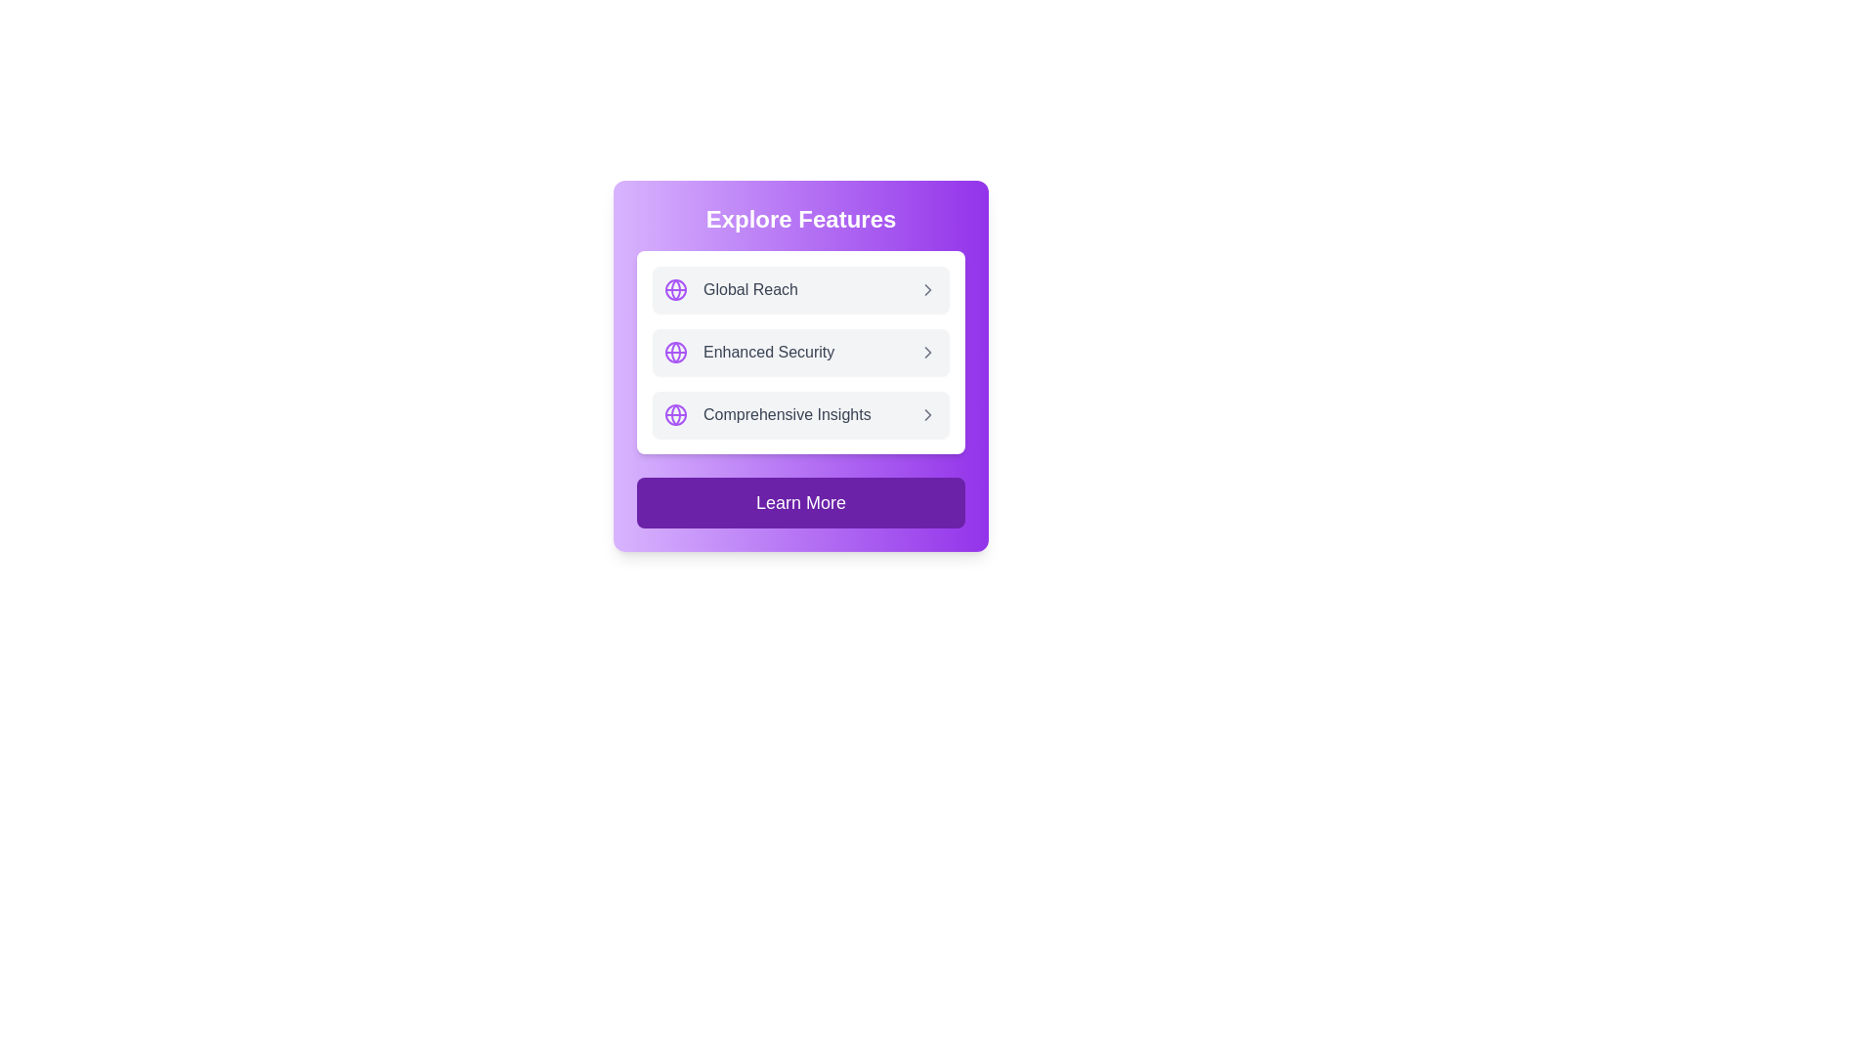 Image resolution: width=1876 pixels, height=1055 pixels. I want to click on the selectable option labeled 'Enhanced Security' in the list, so click(801, 353).